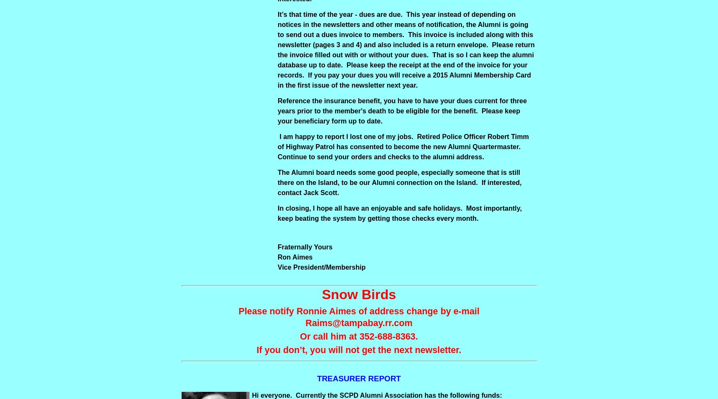 The image size is (718, 399). Describe the element at coordinates (277, 257) in the screenshot. I see `'Ron Aimes'` at that location.